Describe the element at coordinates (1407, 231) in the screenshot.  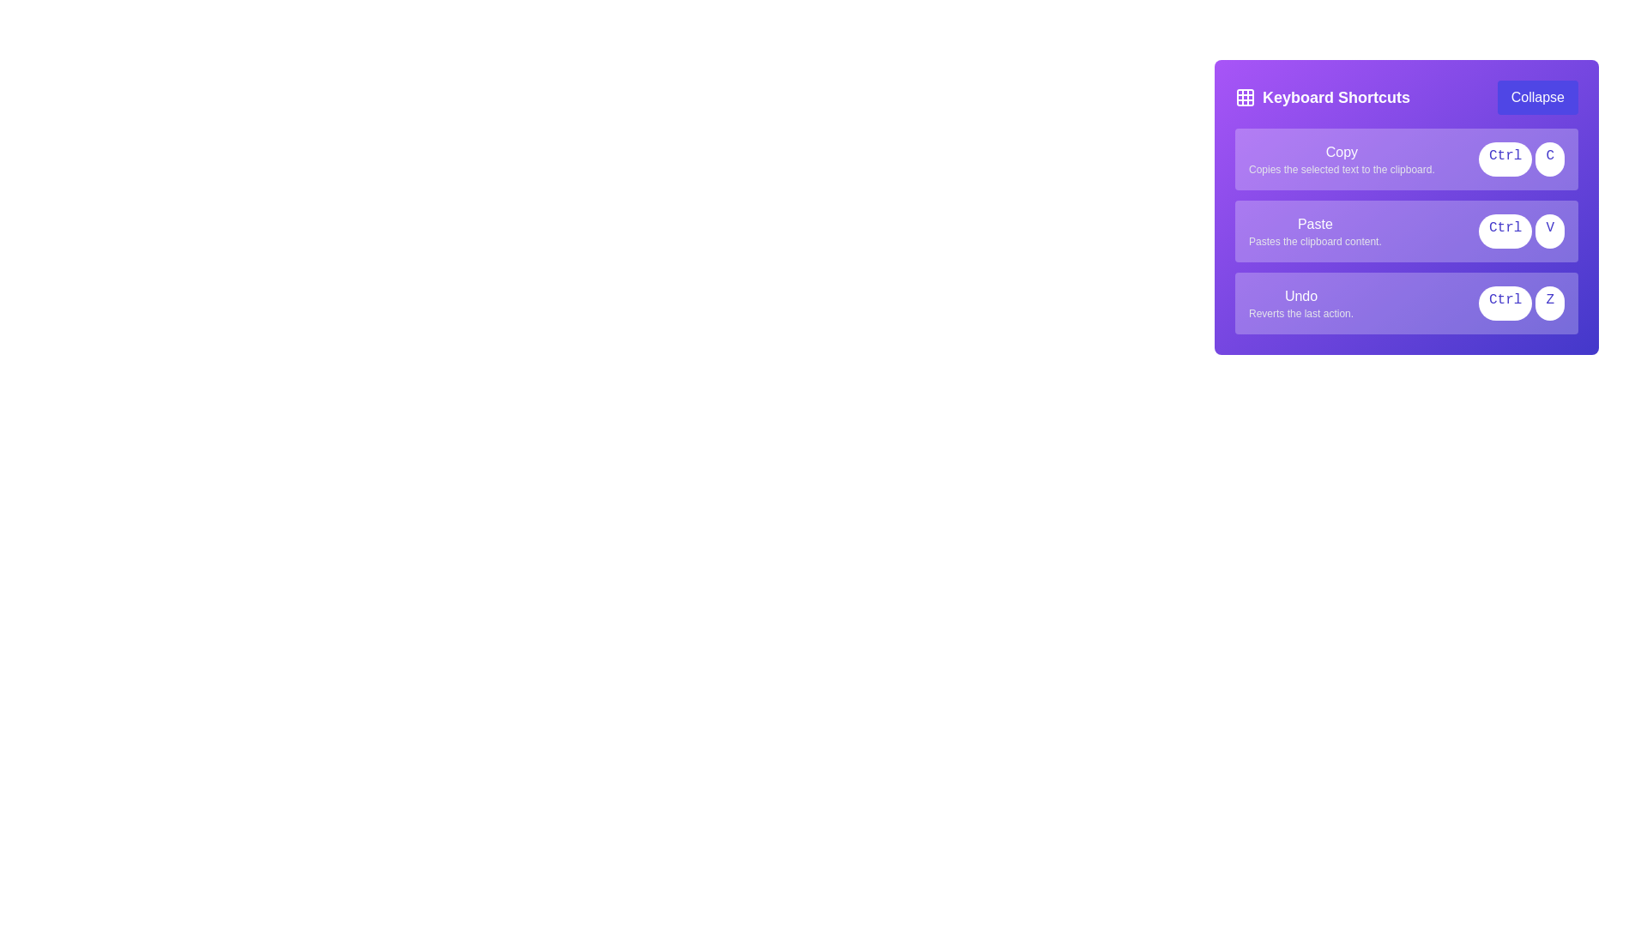
I see `description of the keyboard shortcut 'Ctrl + V' located in the second item of the vertical list within the purple panel labeled 'Keyboard Shortcuts'` at that location.